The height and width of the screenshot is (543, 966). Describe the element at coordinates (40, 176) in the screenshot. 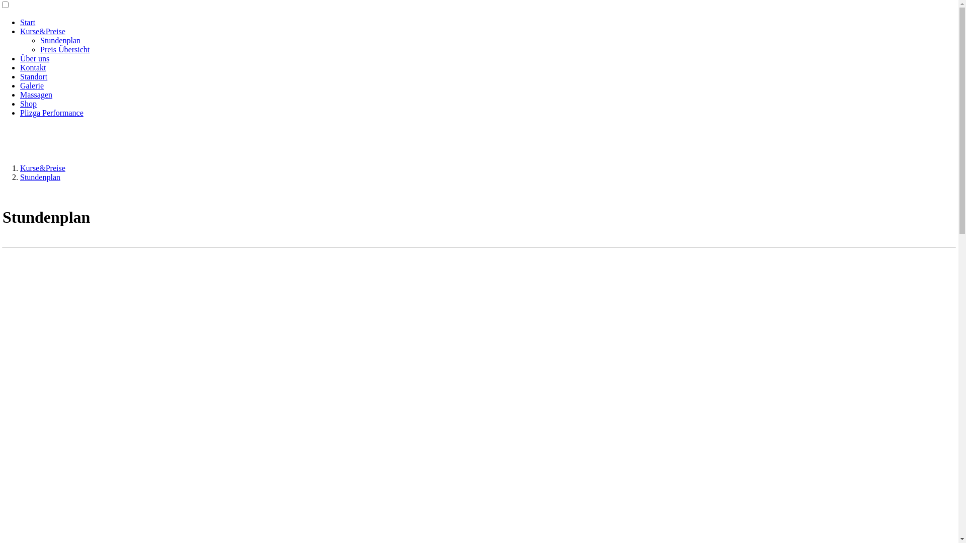

I see `'Stundenplan'` at that location.